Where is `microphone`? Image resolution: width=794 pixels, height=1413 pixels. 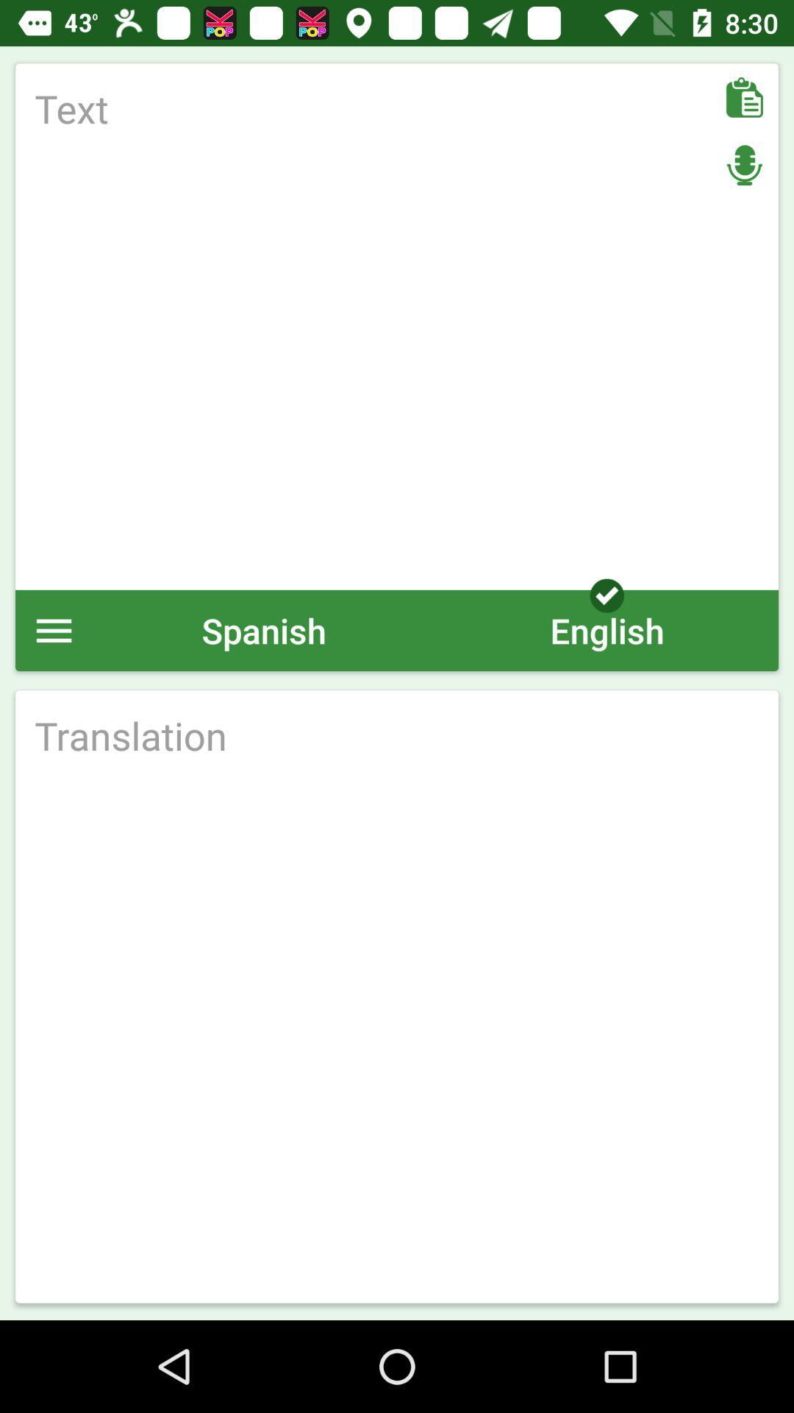
microphone is located at coordinates (744, 165).